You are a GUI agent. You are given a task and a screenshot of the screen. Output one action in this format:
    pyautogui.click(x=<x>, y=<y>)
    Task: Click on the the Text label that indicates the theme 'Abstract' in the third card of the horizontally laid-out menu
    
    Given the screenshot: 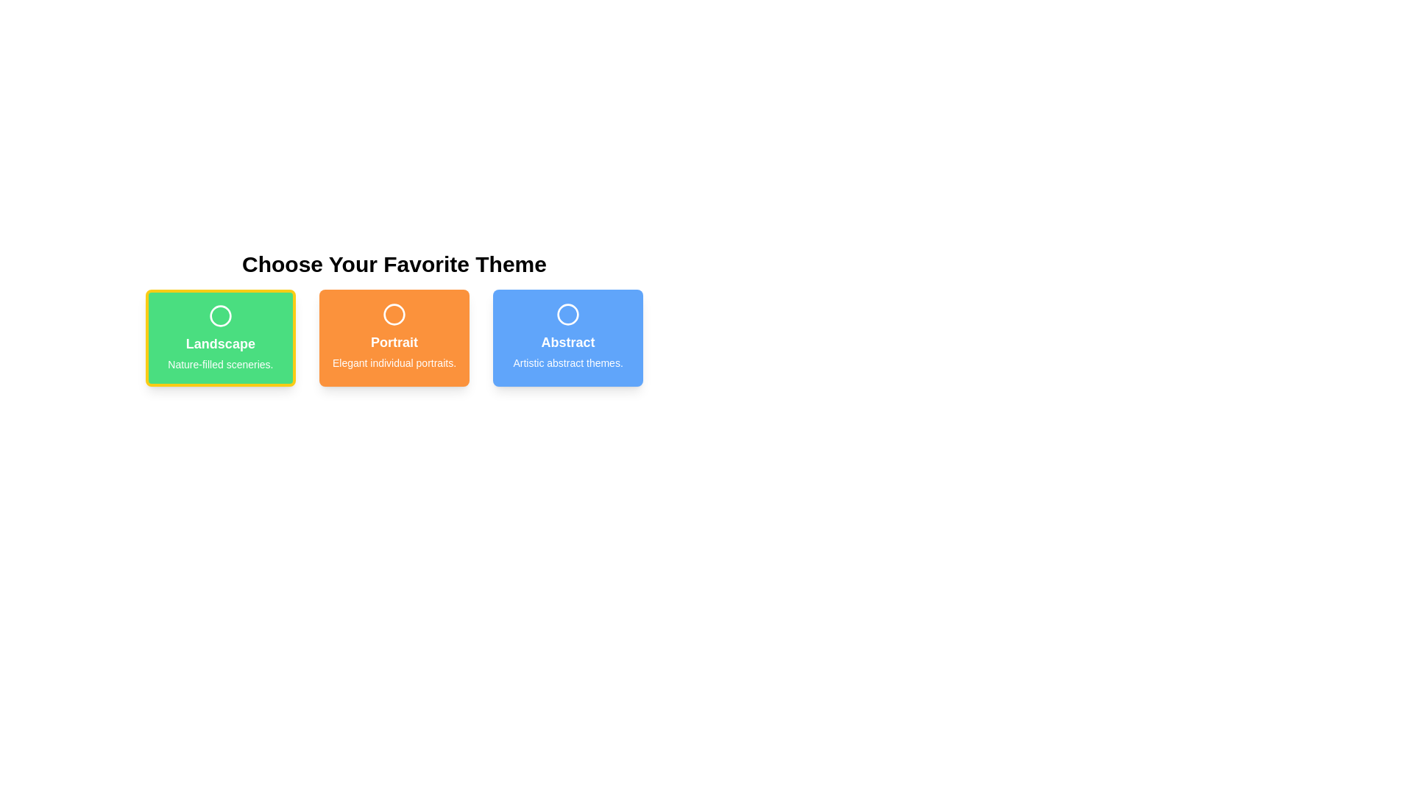 What is the action you would take?
    pyautogui.click(x=567, y=343)
    